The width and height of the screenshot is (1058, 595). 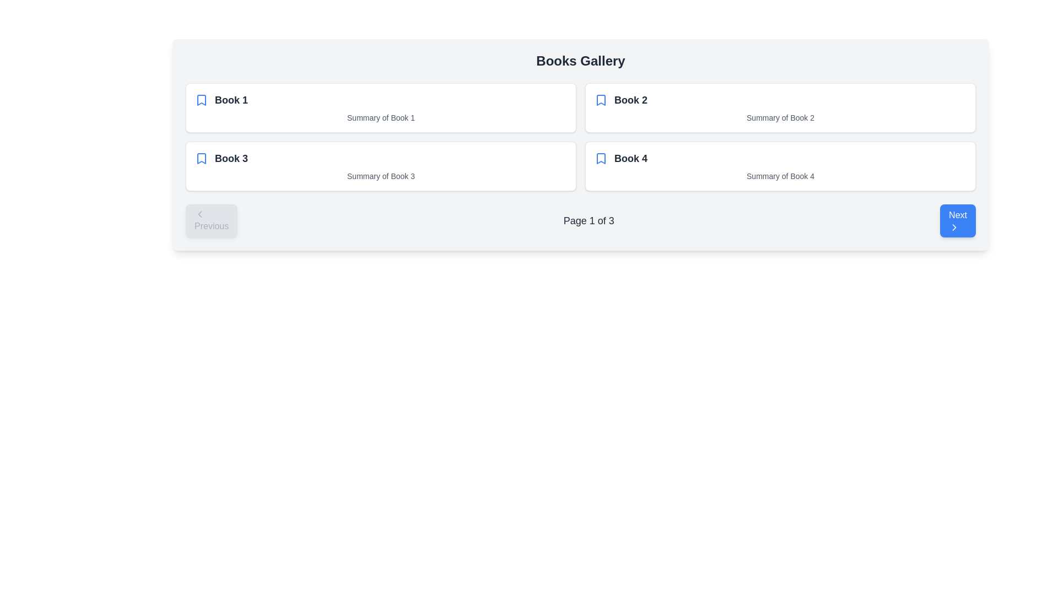 I want to click on the Text label that provides a brief indication of the book's content located in the lower section of the 'Book 3' card in the second row, first column of the books gallery, so click(x=381, y=176).